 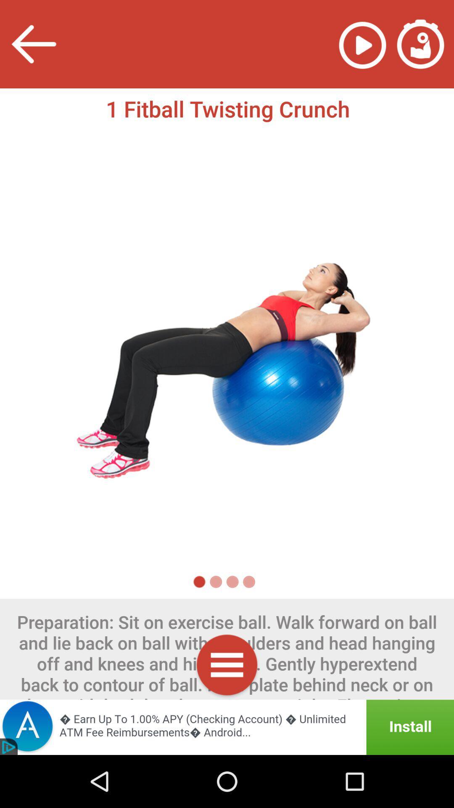 I want to click on menu, so click(x=227, y=666).